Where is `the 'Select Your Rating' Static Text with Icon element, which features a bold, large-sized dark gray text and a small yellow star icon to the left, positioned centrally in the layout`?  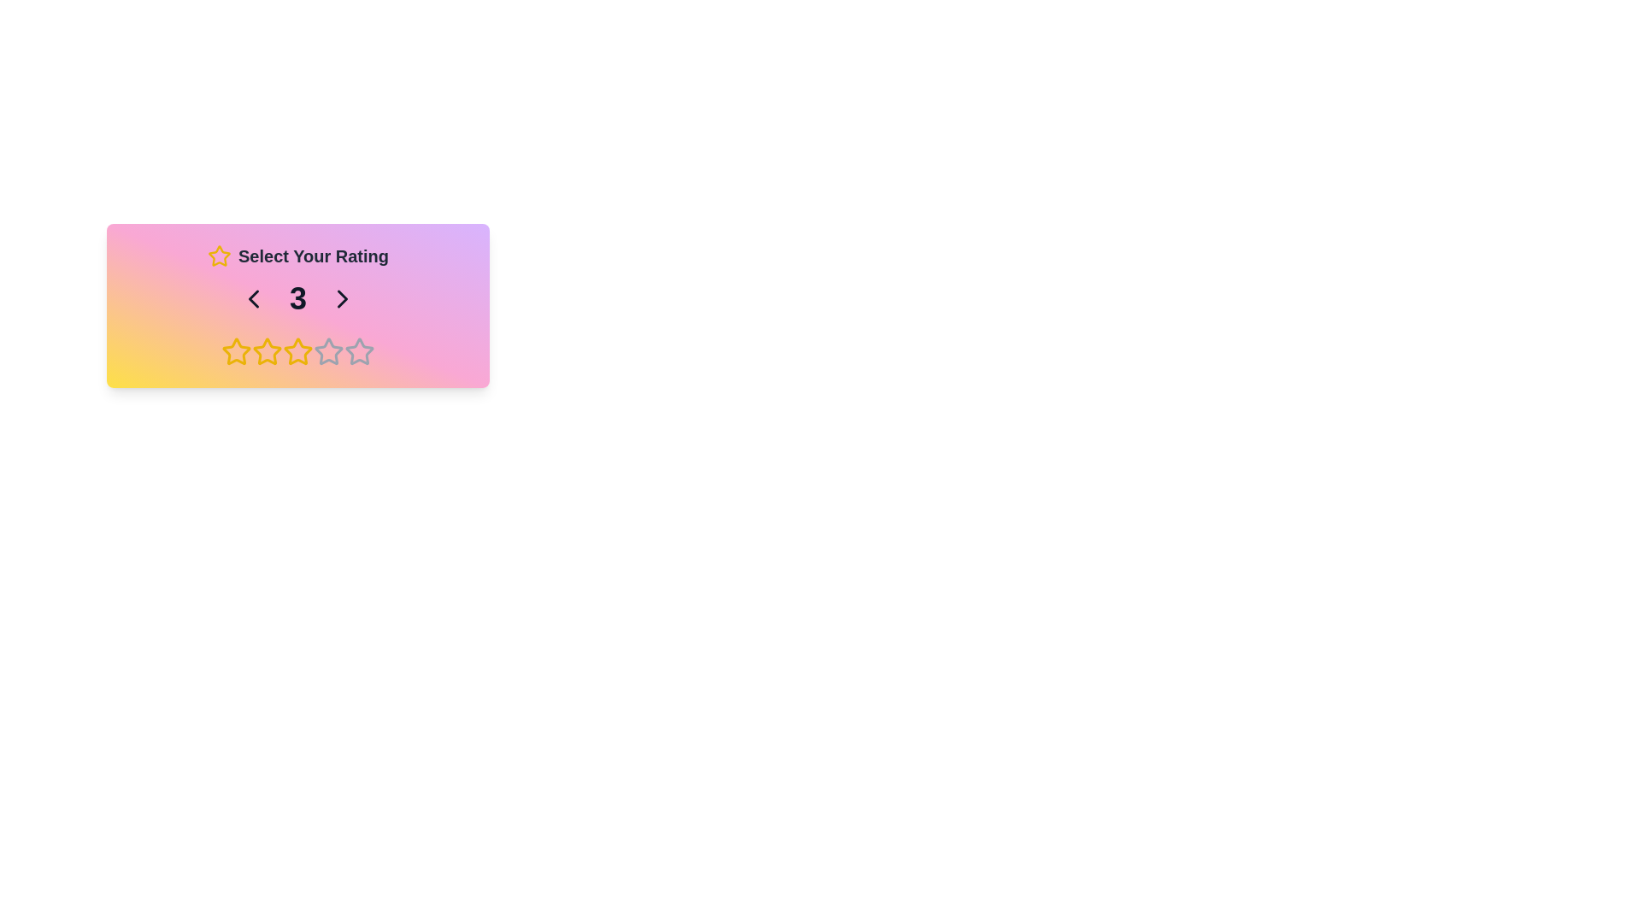 the 'Select Your Rating' Static Text with Icon element, which features a bold, large-sized dark gray text and a small yellow star icon to the left, positioned centrally in the layout is located at coordinates (298, 256).